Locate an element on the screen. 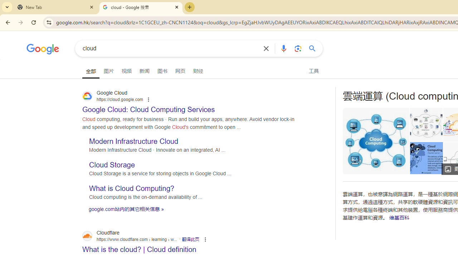 This screenshot has width=458, height=257. 'Modern Infrastructure Cloud' is located at coordinates (134, 141).